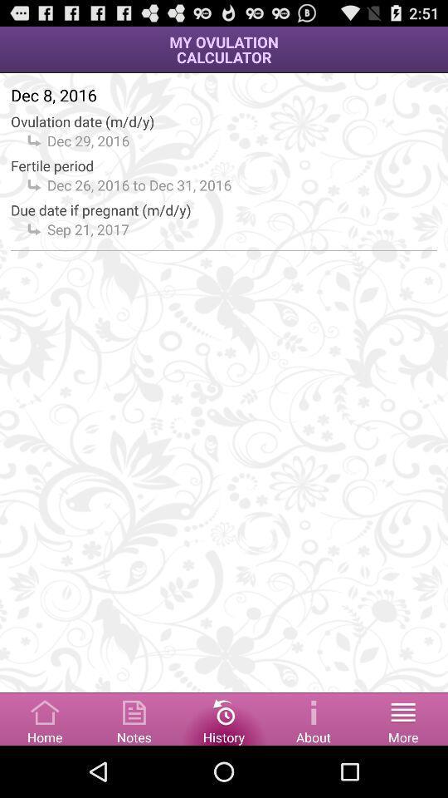 The height and width of the screenshot is (798, 448). What do you see at coordinates (224, 717) in the screenshot?
I see `show history` at bounding box center [224, 717].